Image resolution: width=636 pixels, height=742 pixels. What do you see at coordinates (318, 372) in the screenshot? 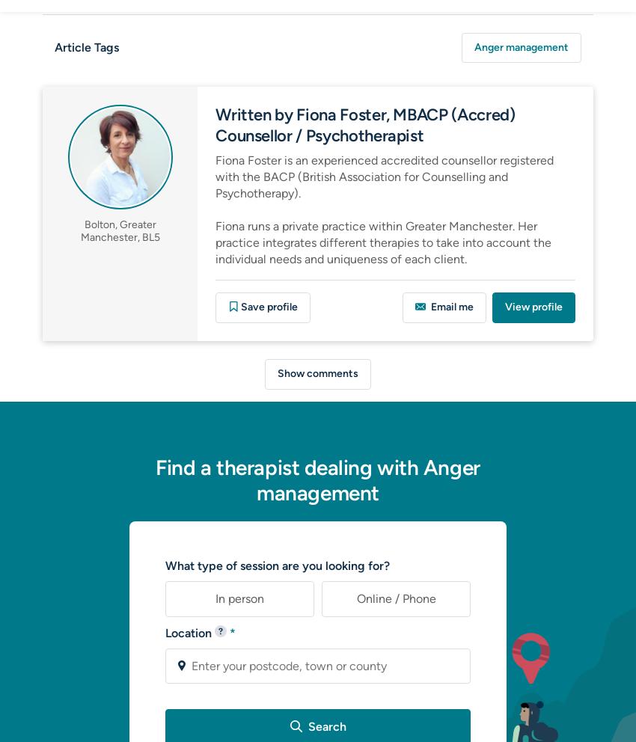
I see `'Show comments'` at bounding box center [318, 372].